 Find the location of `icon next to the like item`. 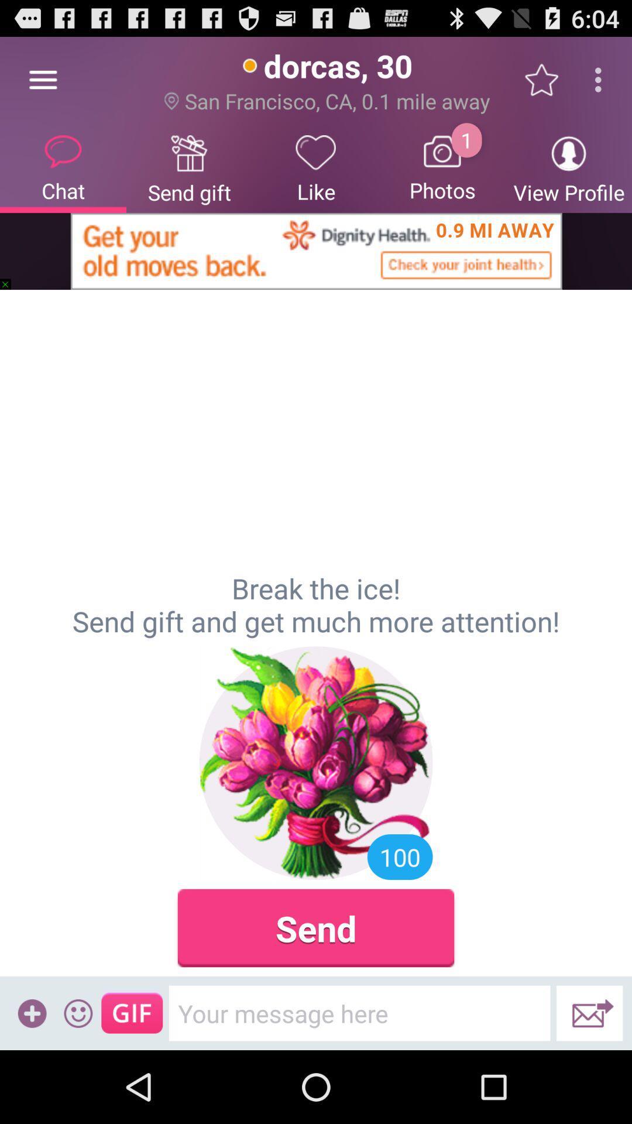

icon next to the like item is located at coordinates (442, 167).